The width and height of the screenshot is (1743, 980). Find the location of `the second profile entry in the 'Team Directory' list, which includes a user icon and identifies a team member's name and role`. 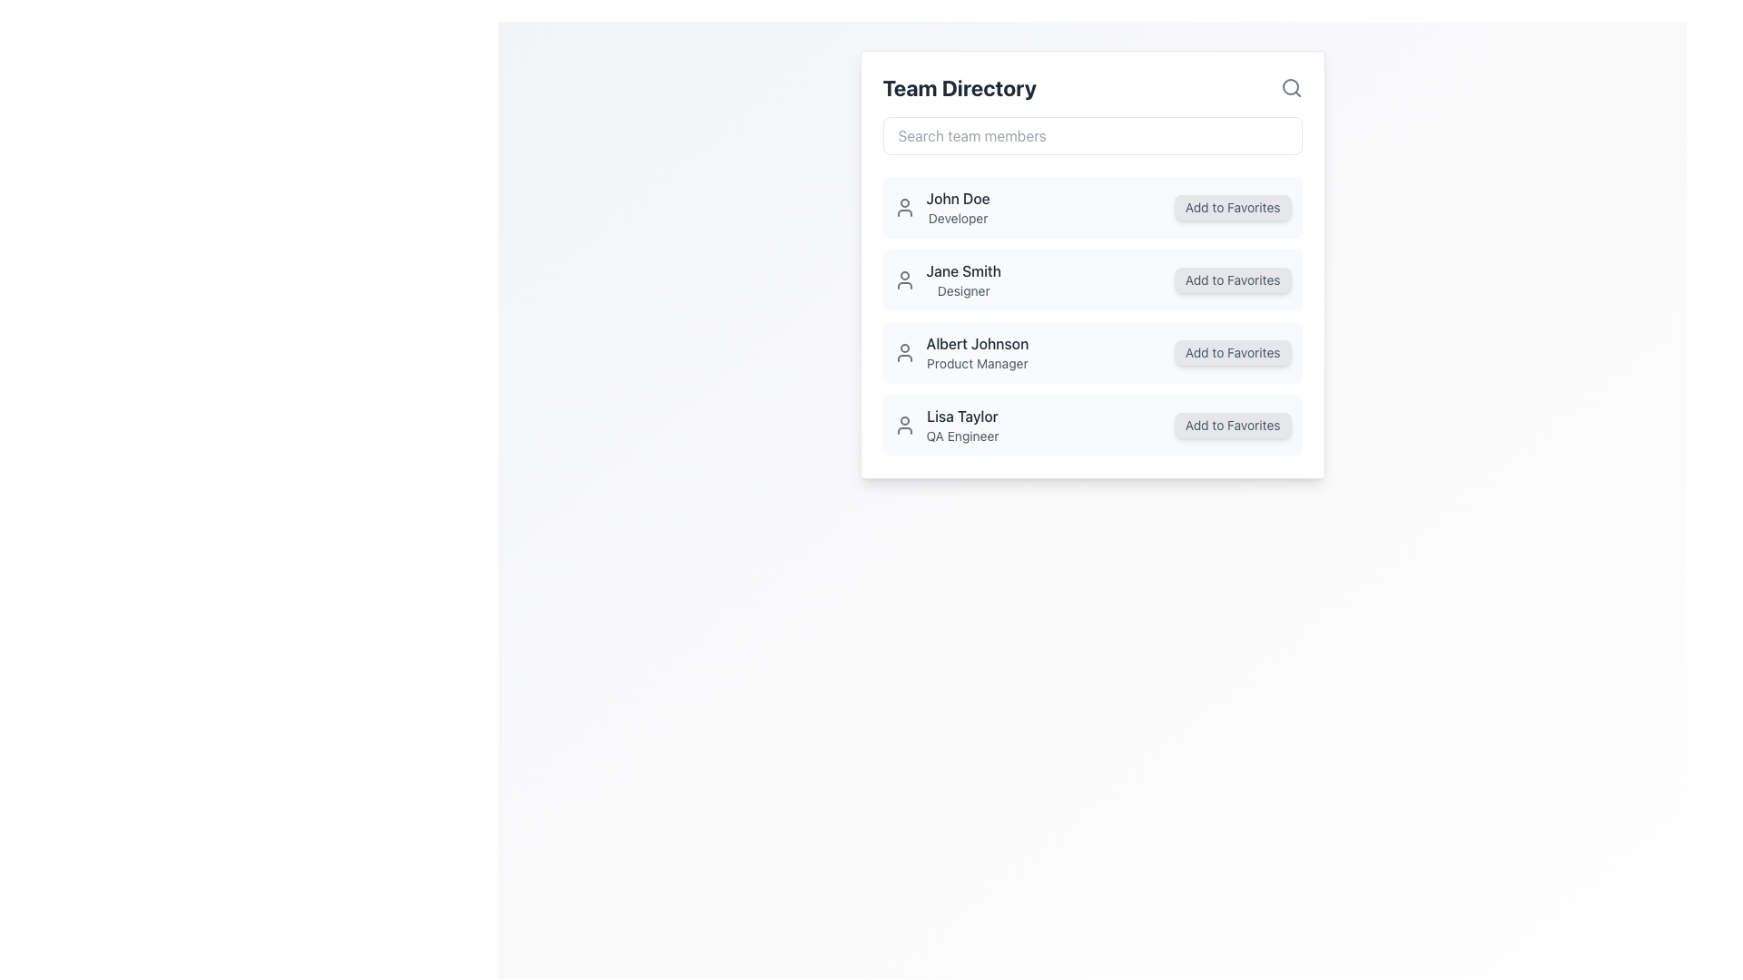

the second profile entry in the 'Team Directory' list, which includes a user icon and identifies a team member's name and role is located at coordinates (946, 279).